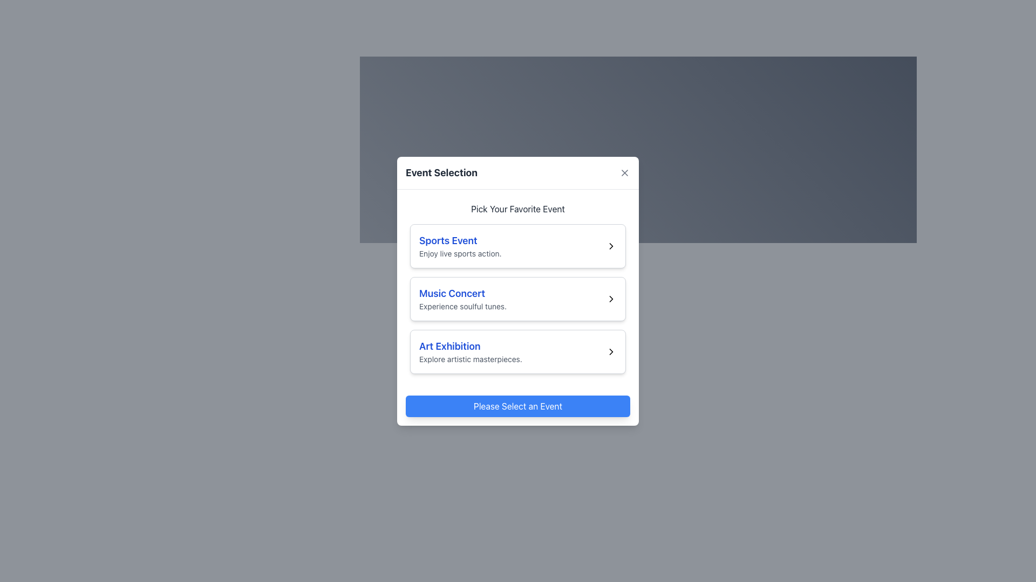 This screenshot has width=1036, height=582. Describe the element at coordinates (624, 172) in the screenshot. I see `the circular close button with an 'X' icon in the top-right corner of the 'Event Selection' dialog` at that location.